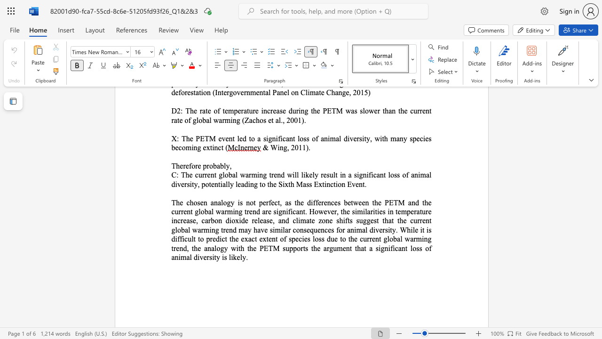  Describe the element at coordinates (372, 230) in the screenshot. I see `the subset text "iversity. While it is di" within the text "significant. However, the similarities in temperature increase, carbon dioxide release, and climate zone shifts suggest that the current global warming trend may have similar consequences for animal diversity. While it is difficult to predict the exact ex"` at that location.